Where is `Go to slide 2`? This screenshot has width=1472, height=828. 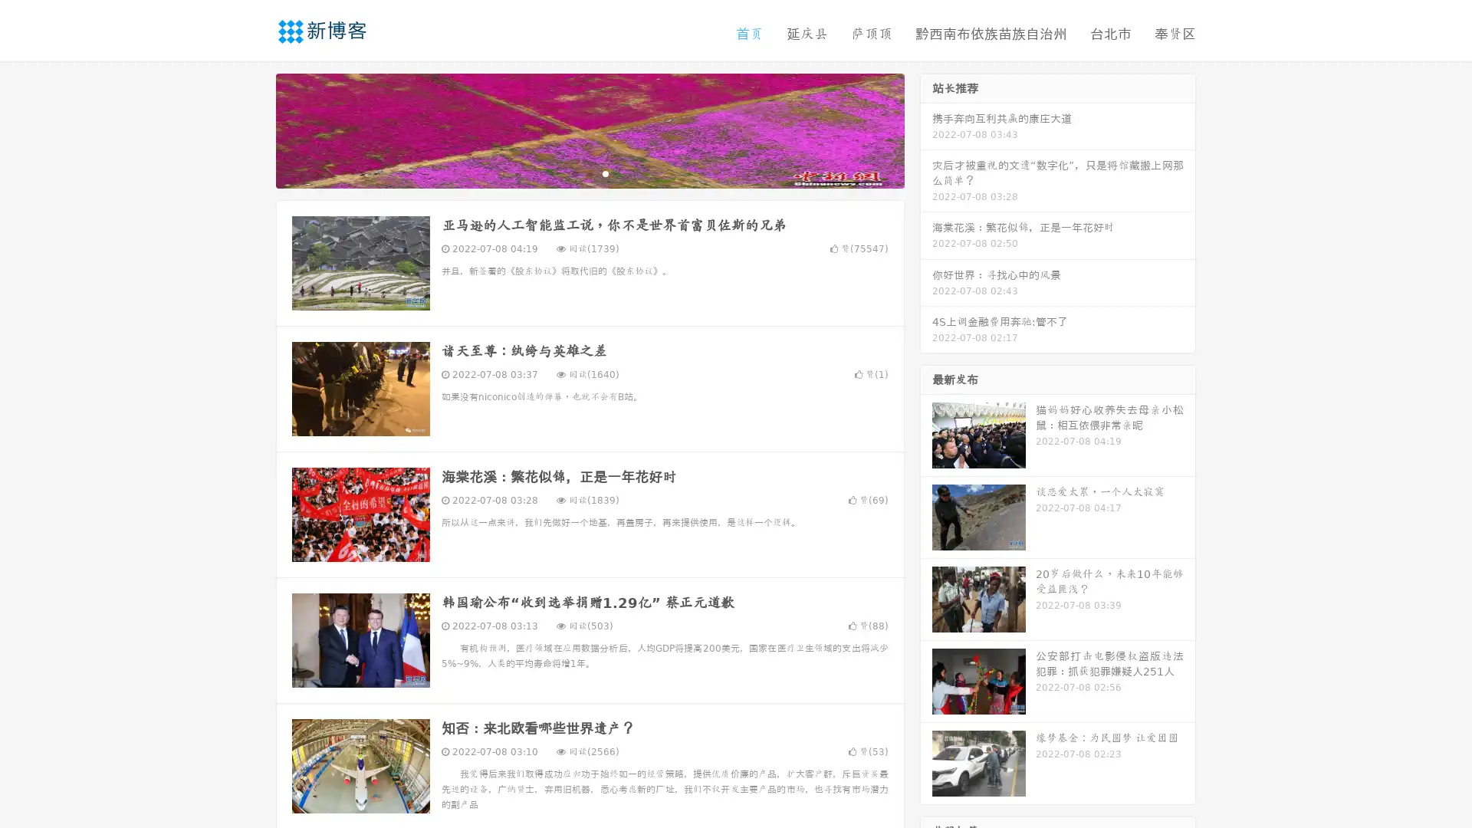 Go to slide 2 is located at coordinates (589, 172).